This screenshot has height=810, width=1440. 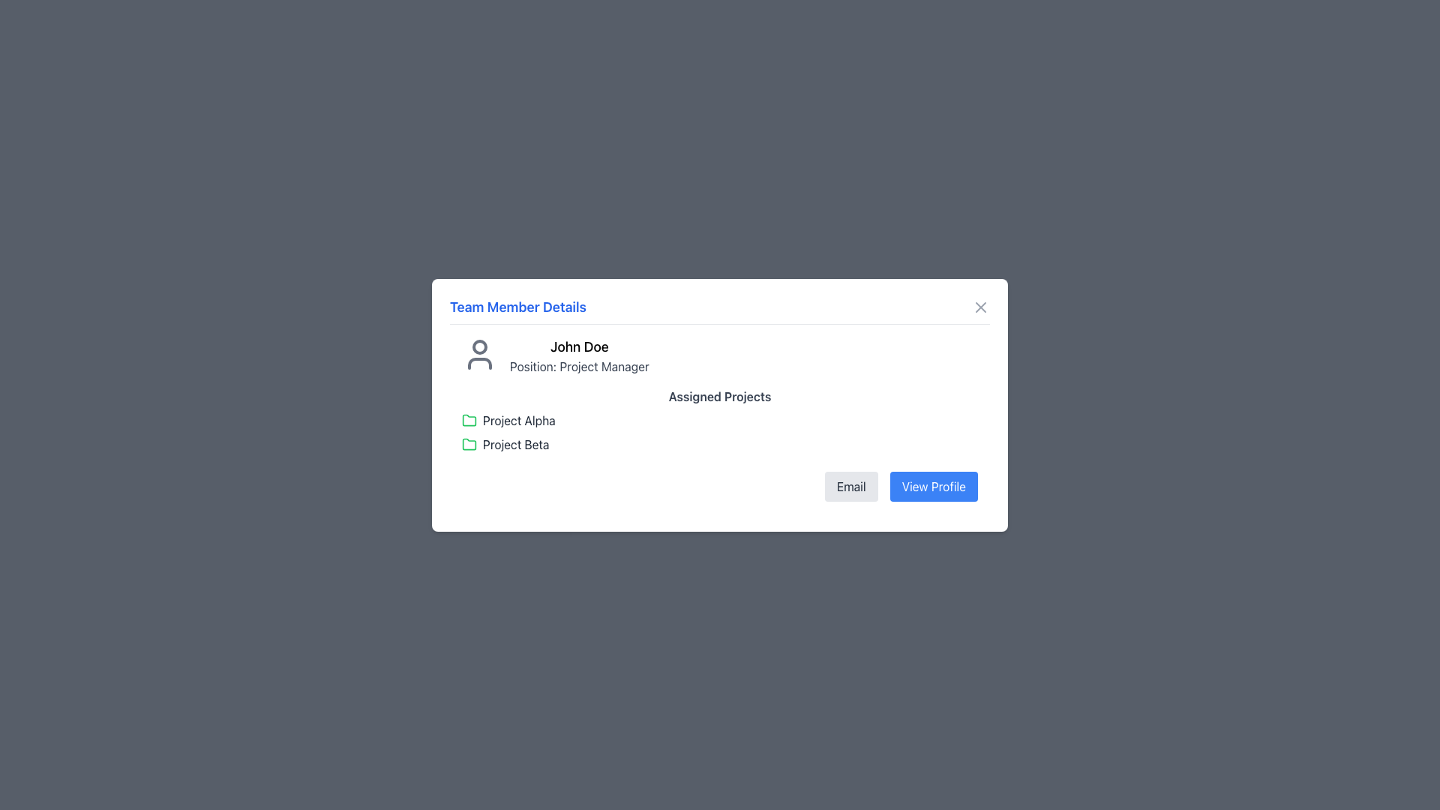 What do you see at coordinates (578, 355) in the screenshot?
I see `the Text Display element that shows 'John Doe' and 'Position: Project Manager', located to the right of the user profile icon in the upper left portion of the dialog box` at bounding box center [578, 355].